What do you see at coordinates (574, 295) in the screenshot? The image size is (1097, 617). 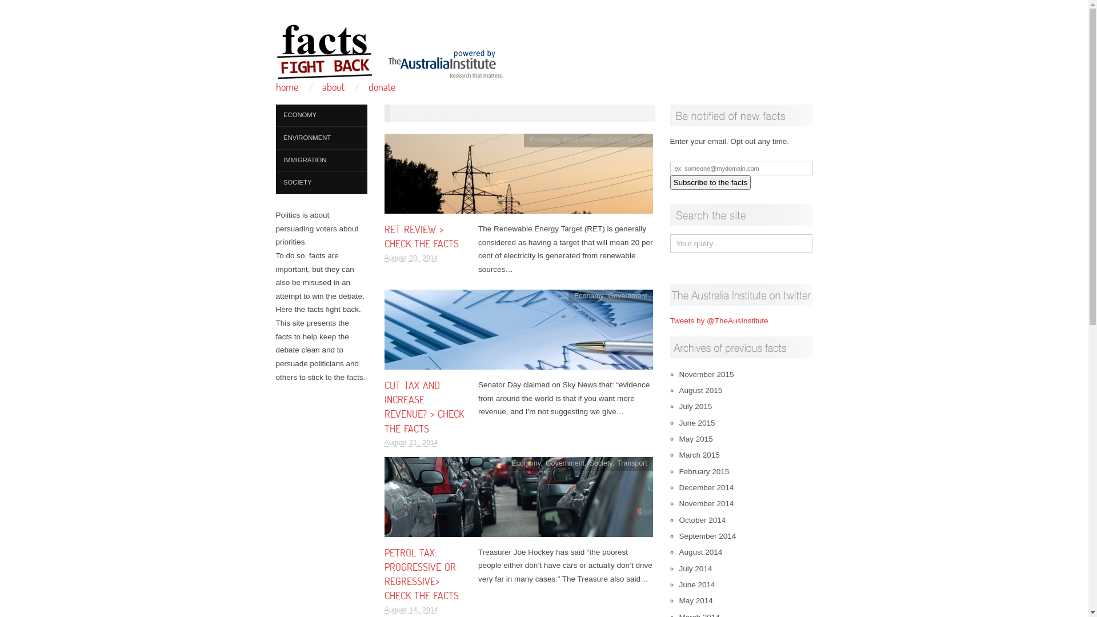 I see `'Economy'` at bounding box center [574, 295].